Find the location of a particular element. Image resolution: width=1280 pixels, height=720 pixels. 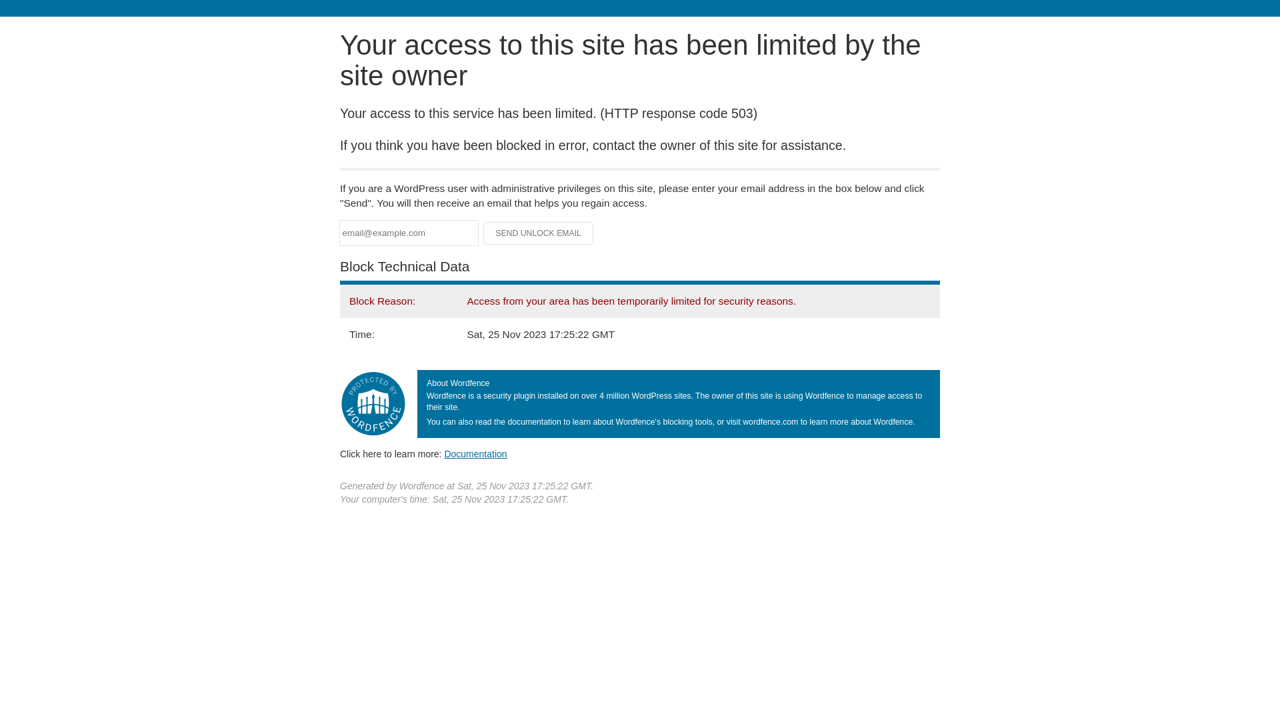

'Documentation' is located at coordinates (475, 453).